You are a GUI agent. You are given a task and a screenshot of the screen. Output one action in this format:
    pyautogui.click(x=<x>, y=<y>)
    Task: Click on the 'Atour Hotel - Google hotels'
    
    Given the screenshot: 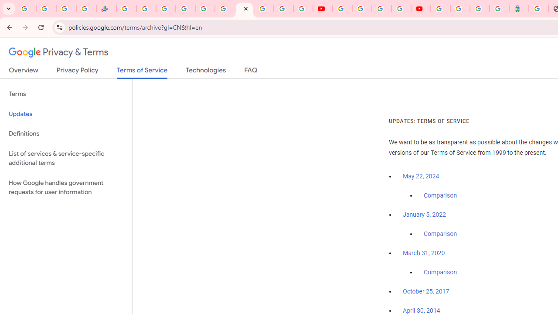 What is the action you would take?
    pyautogui.click(x=519, y=9)
    